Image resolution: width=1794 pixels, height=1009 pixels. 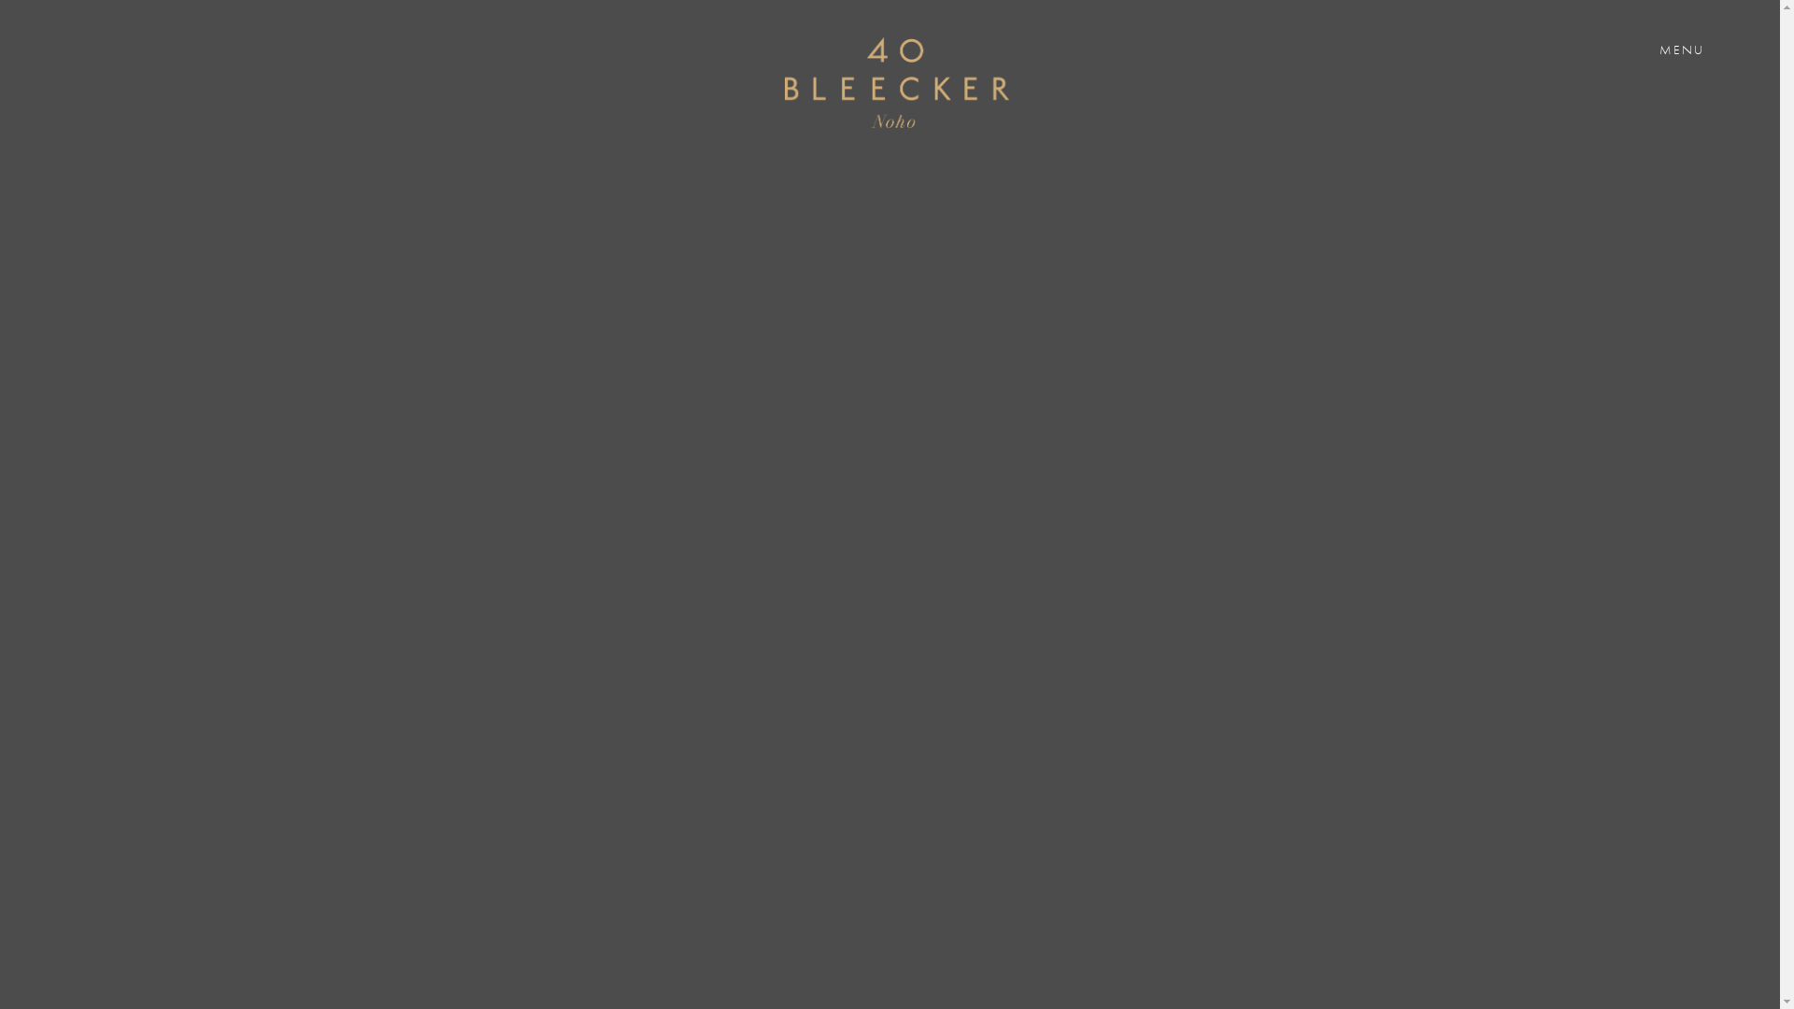 I want to click on 'MENU', so click(x=1682, y=49).